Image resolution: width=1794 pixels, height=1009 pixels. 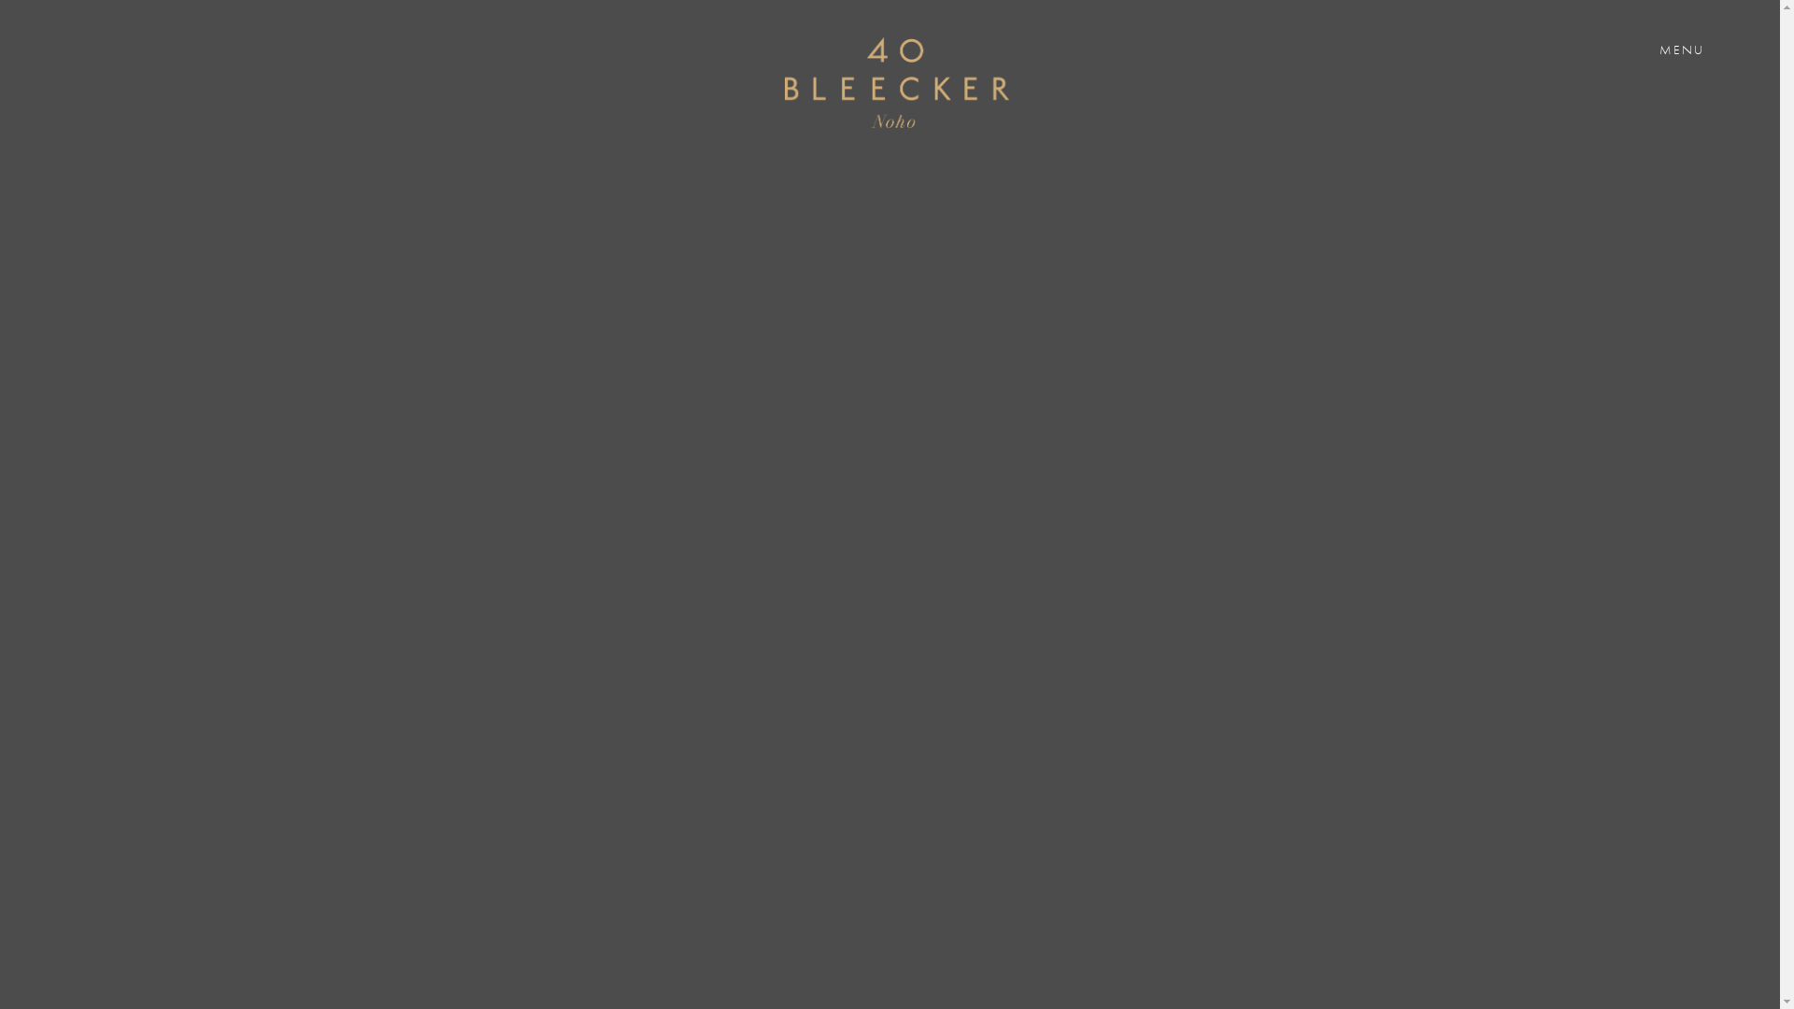 I want to click on 'MENU', so click(x=1682, y=49).